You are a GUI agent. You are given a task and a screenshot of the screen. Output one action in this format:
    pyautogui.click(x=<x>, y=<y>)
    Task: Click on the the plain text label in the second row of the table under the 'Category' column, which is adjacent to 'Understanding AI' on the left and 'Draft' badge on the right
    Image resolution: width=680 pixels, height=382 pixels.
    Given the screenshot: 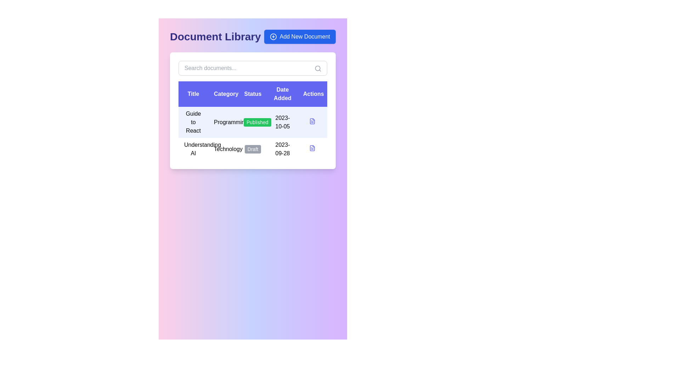 What is the action you would take?
    pyautogui.click(x=222, y=149)
    